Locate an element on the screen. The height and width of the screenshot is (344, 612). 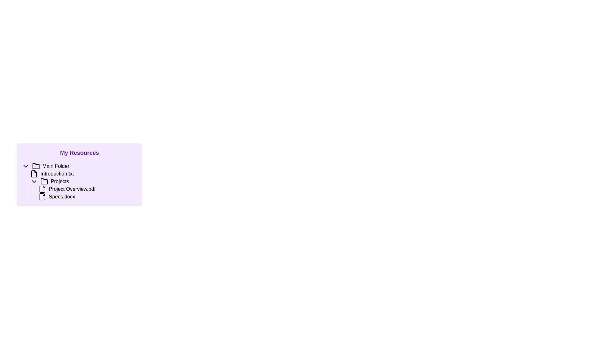
the file icon representing 'Project Overview.pdf' is located at coordinates (42, 189).